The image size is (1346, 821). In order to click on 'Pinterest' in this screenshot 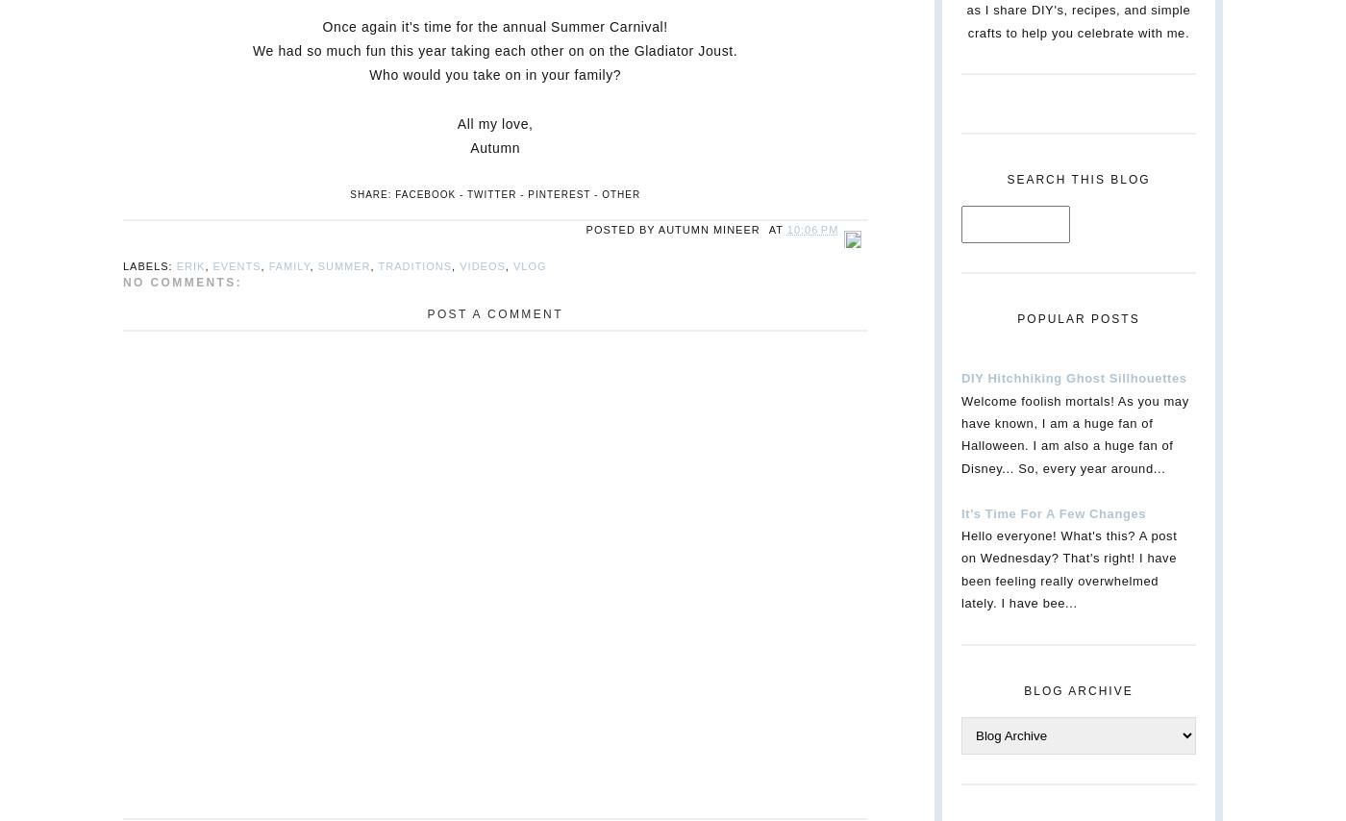, I will do `click(559, 192)`.